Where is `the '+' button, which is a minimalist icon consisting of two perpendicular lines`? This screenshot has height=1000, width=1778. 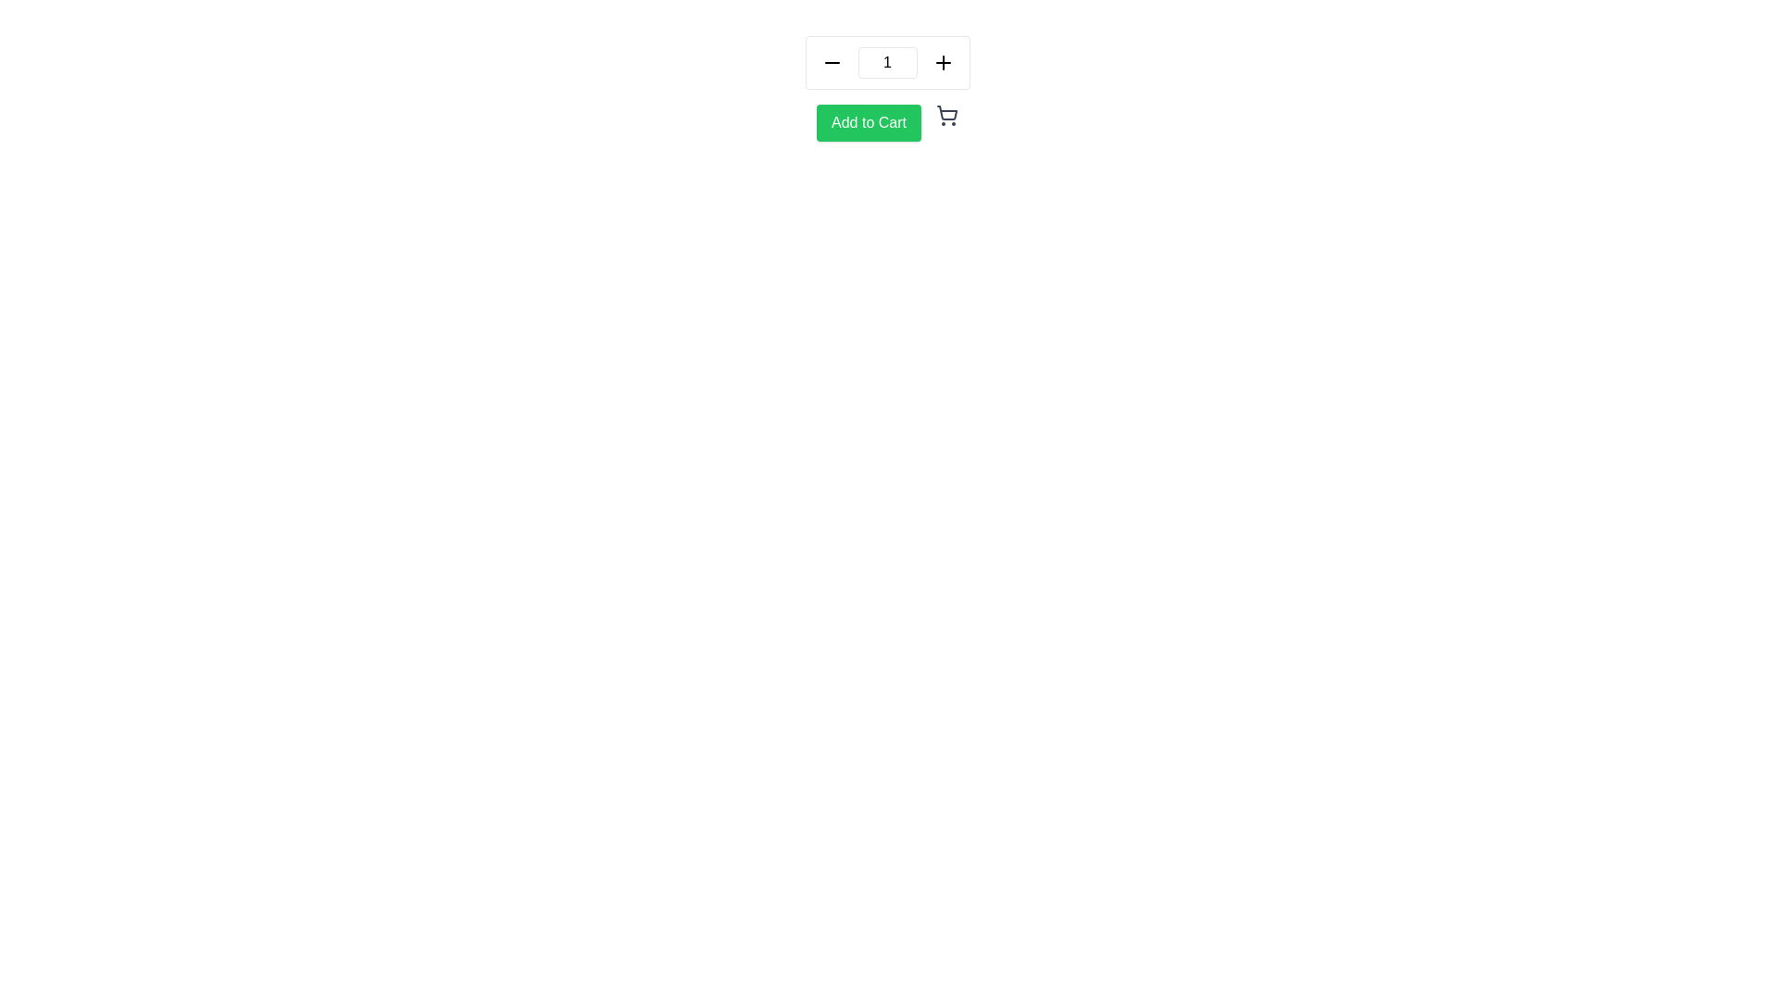 the '+' button, which is a minimalist icon consisting of two perpendicular lines is located at coordinates (943, 62).